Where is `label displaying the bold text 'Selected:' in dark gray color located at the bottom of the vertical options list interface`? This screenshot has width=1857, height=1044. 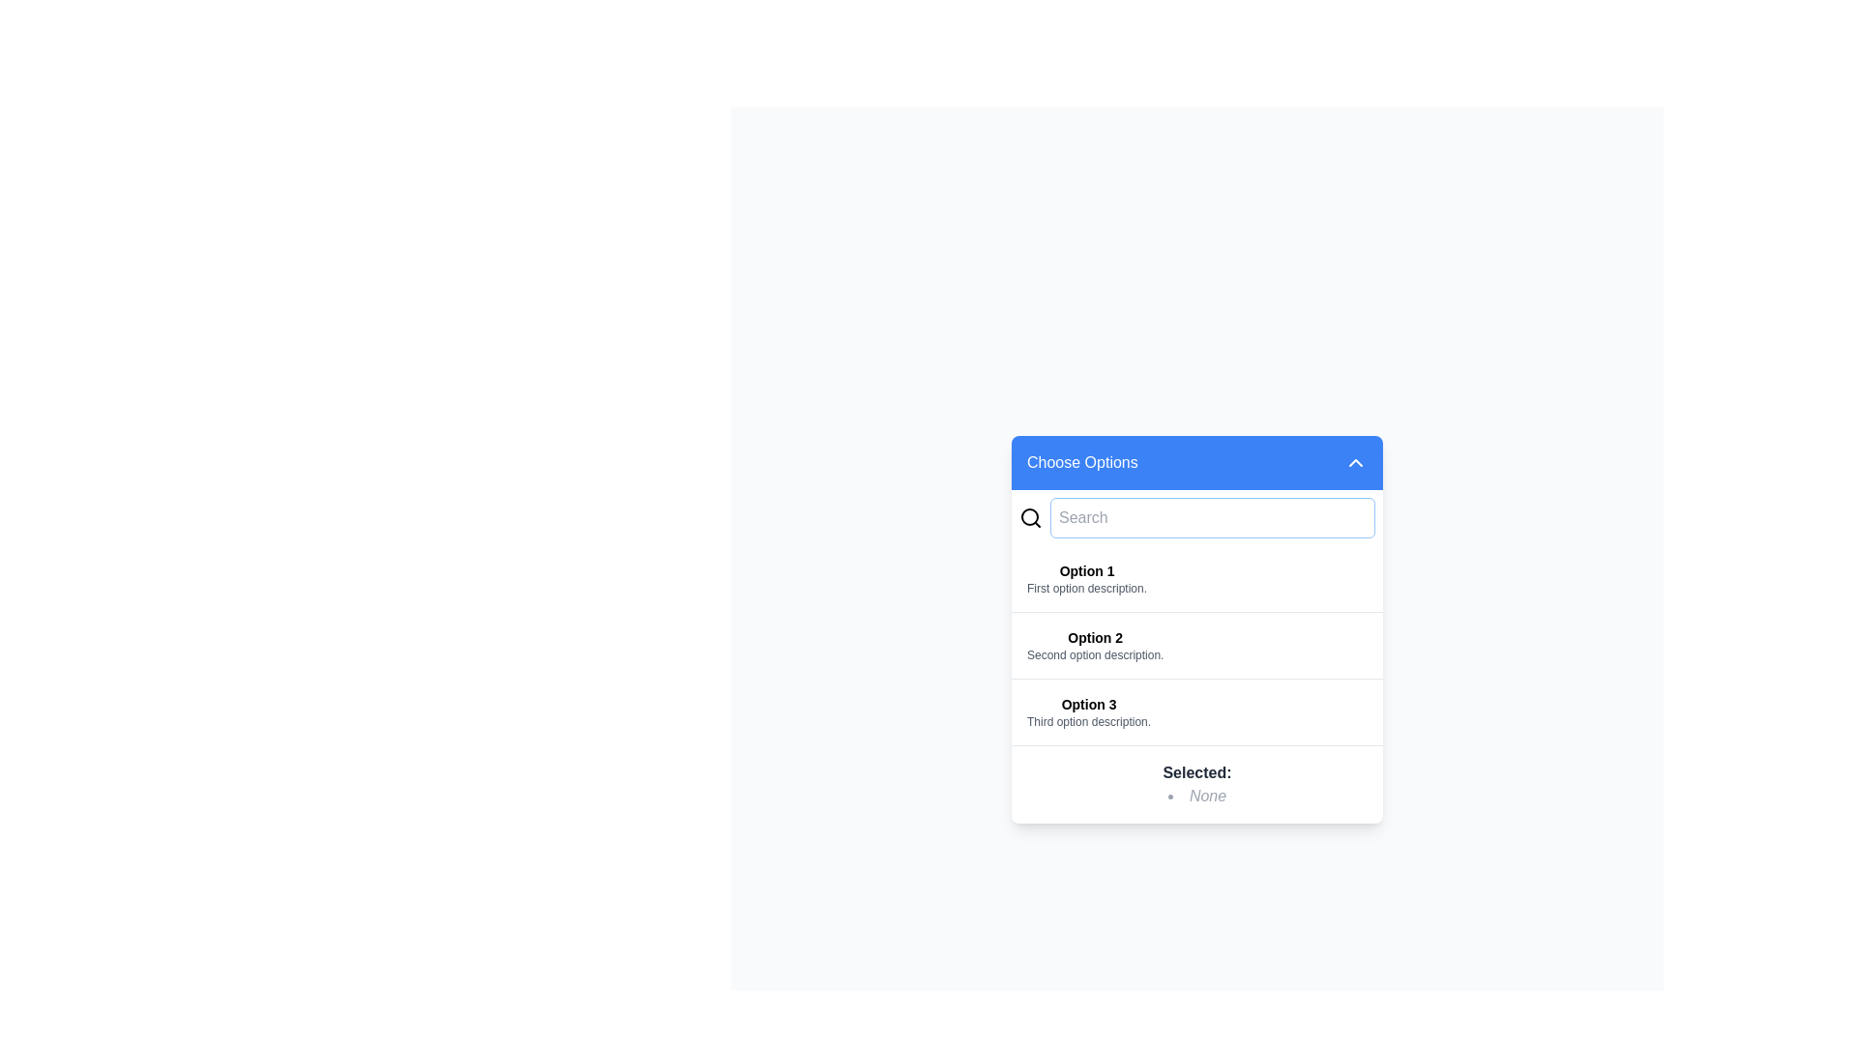 label displaying the bold text 'Selected:' in dark gray color located at the bottom of the vertical options list interface is located at coordinates (1196, 771).